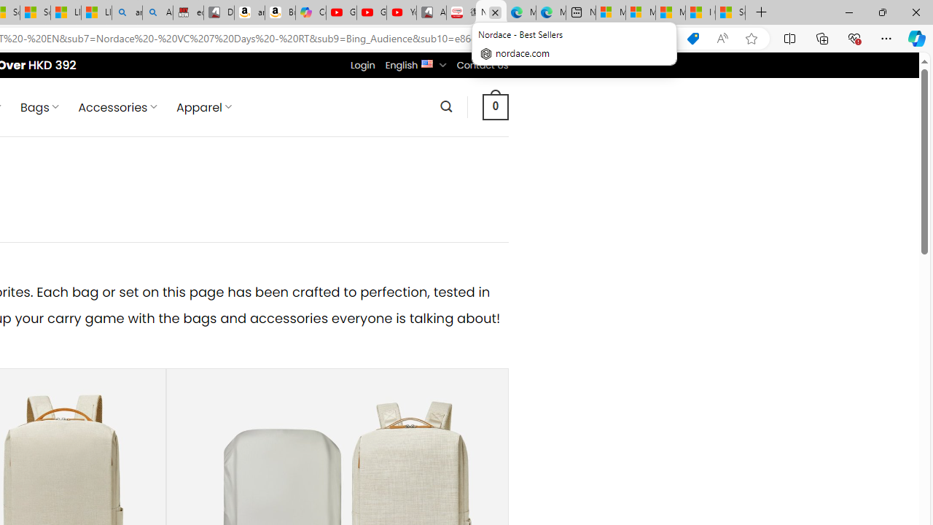 The height and width of the screenshot is (525, 933). Describe the element at coordinates (402, 12) in the screenshot. I see `'YouTube Kids - An App Created for Kids to Explore Content'` at that location.